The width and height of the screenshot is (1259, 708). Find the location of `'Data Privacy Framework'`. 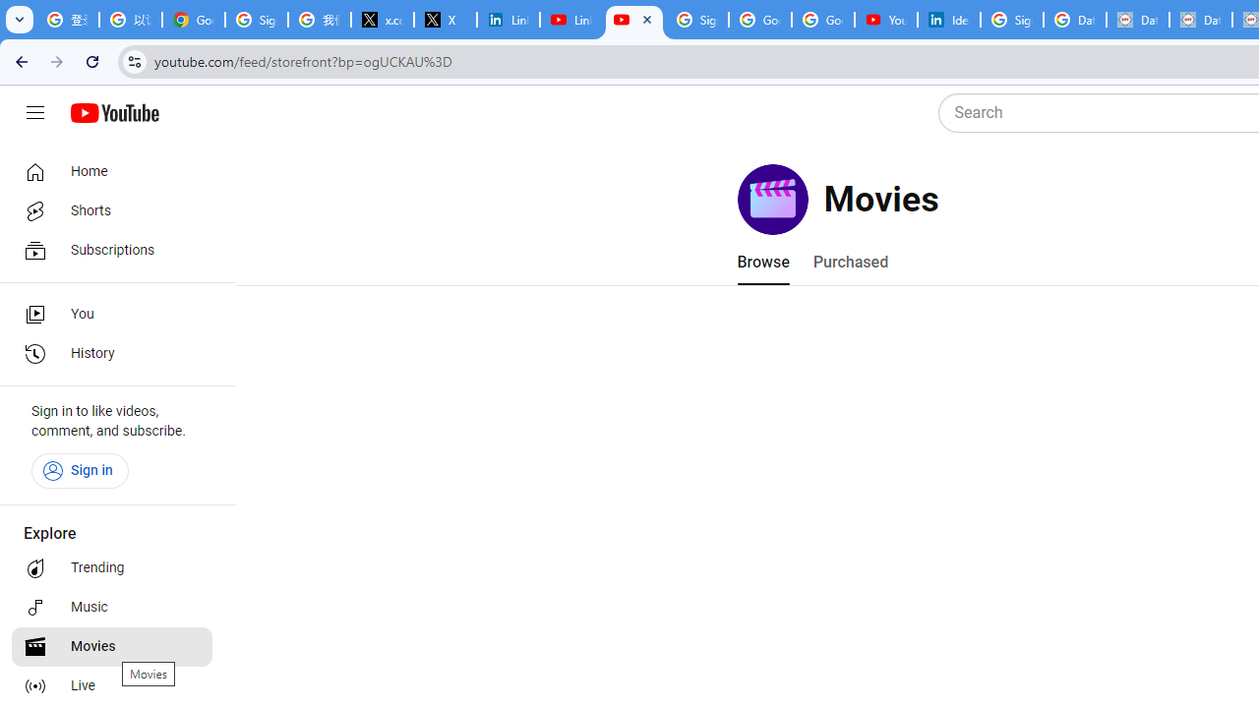

'Data Privacy Framework' is located at coordinates (1138, 20).